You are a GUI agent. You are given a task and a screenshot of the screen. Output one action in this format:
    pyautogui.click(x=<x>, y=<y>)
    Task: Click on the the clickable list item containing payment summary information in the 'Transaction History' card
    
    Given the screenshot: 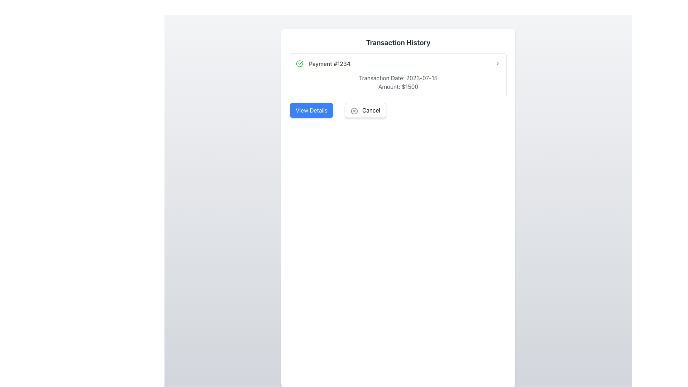 What is the action you would take?
    pyautogui.click(x=398, y=63)
    